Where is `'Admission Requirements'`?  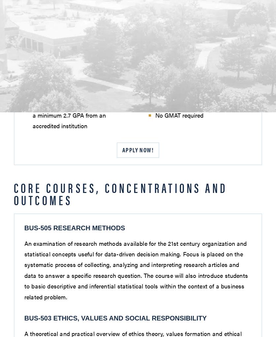
'Admission Requirements' is located at coordinates (69, 43).